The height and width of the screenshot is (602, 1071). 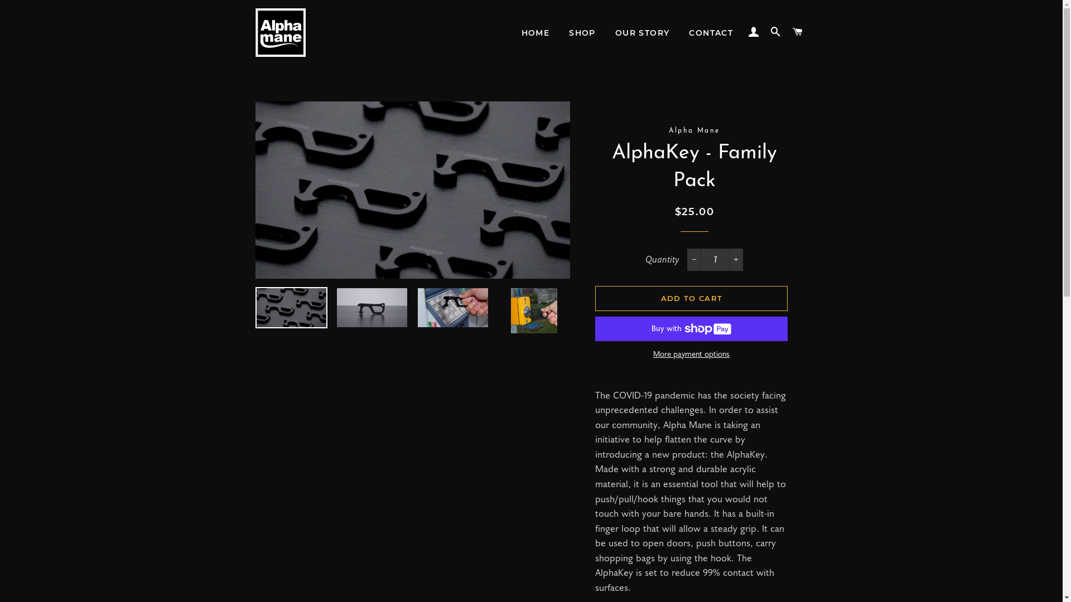 What do you see at coordinates (535, 33) in the screenshot?
I see `'HOME'` at bounding box center [535, 33].